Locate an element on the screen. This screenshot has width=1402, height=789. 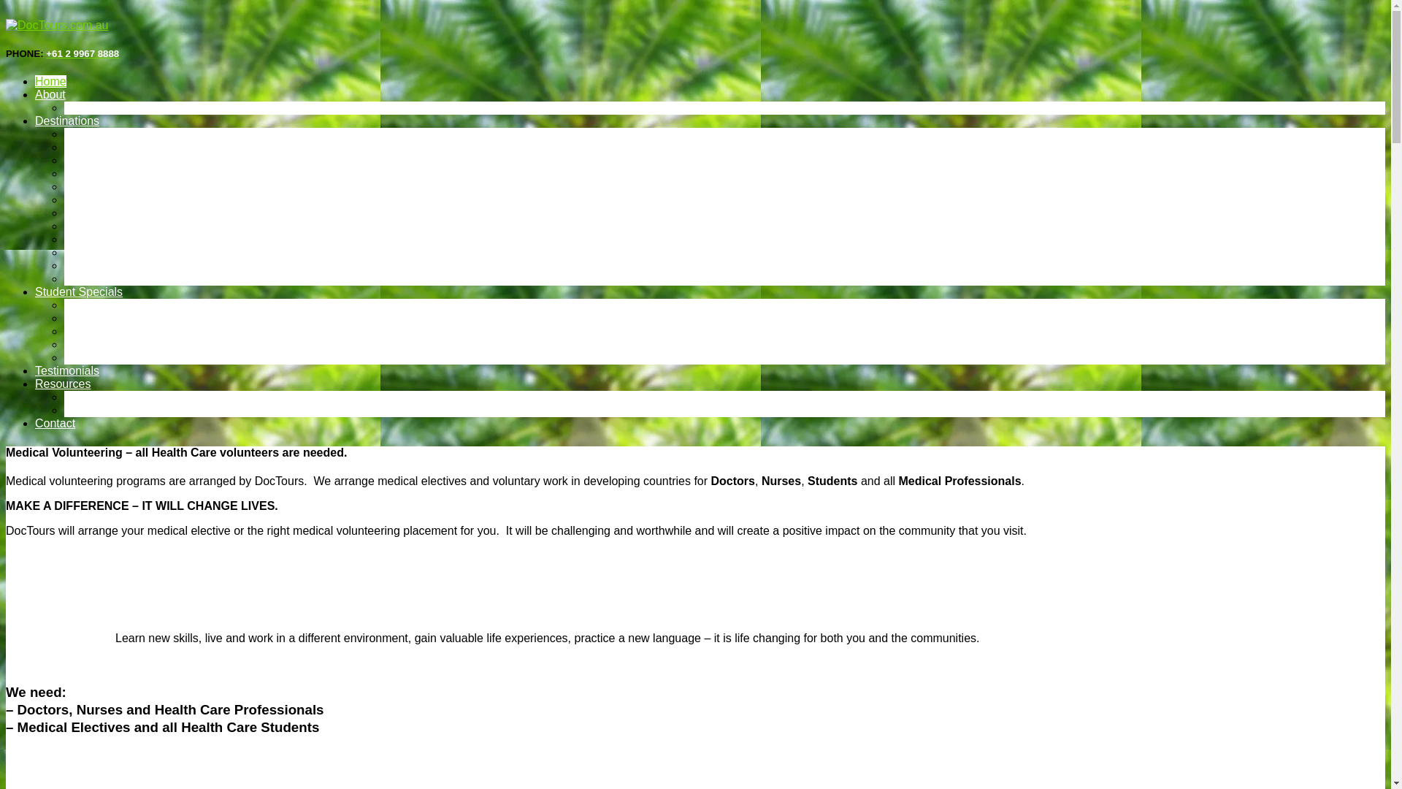
'Sri Lanka' is located at coordinates (63, 199).